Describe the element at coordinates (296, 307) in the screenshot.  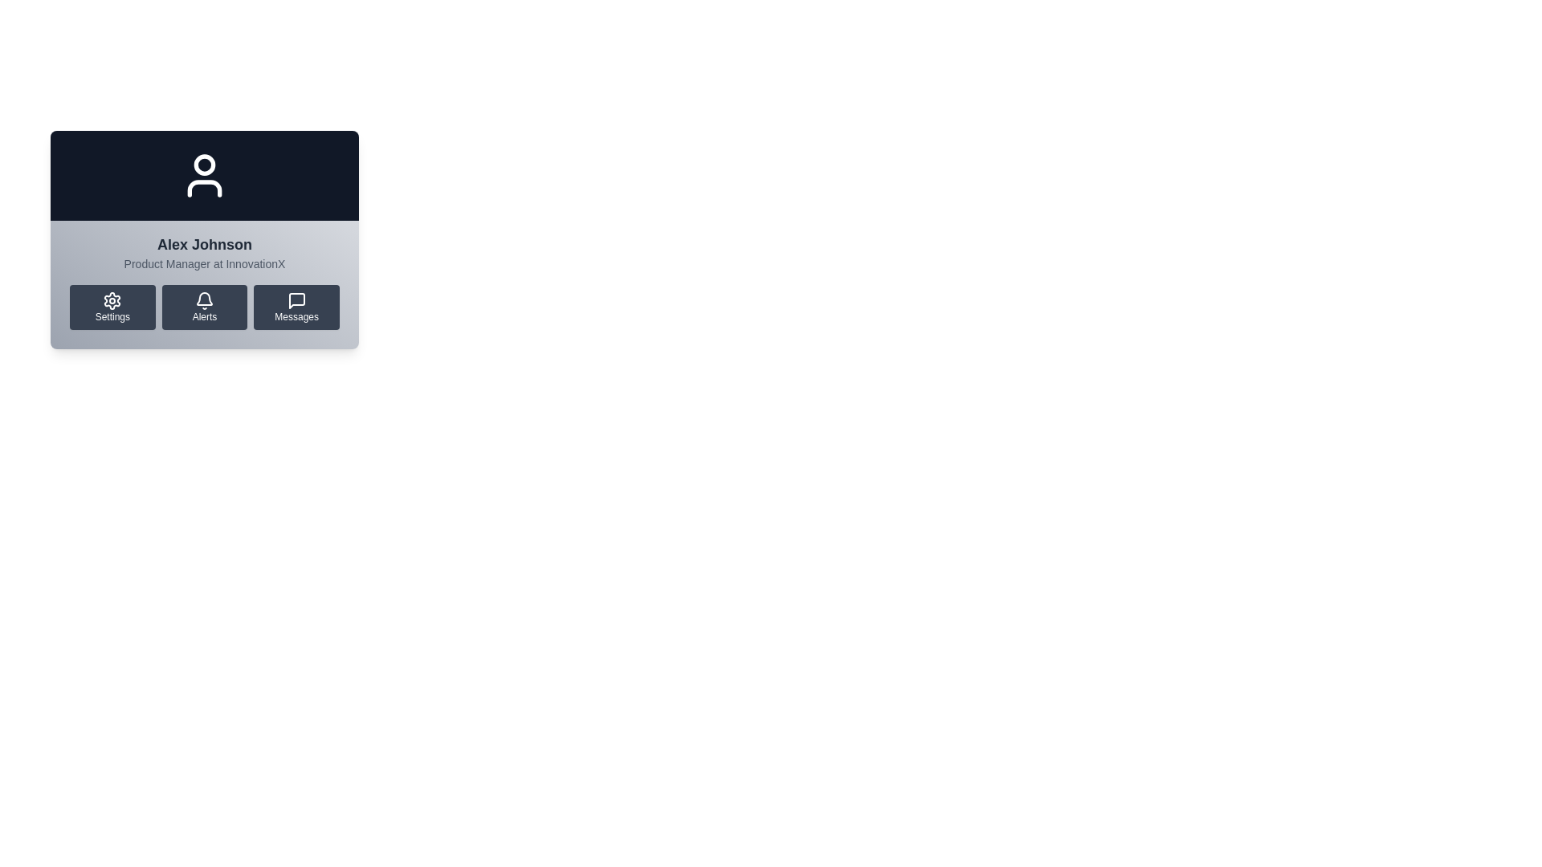
I see `the 'Messages' button, which is the third button in a horizontal row of buttons located below the user profile information section` at that location.